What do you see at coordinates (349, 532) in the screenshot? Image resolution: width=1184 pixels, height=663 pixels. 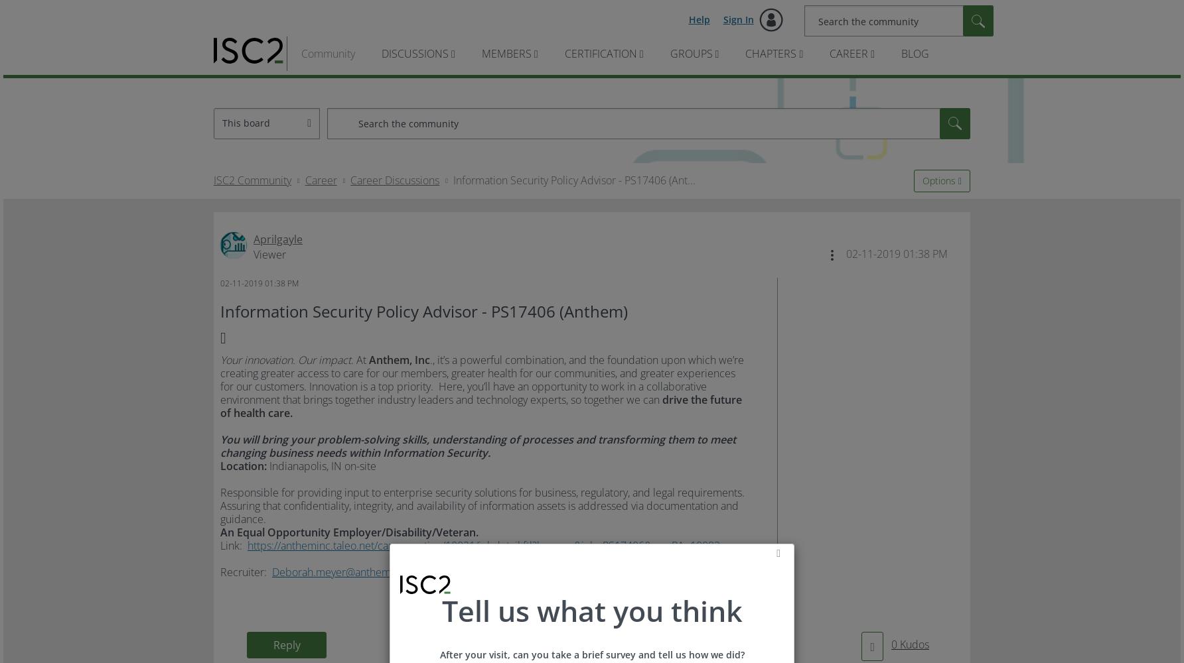 I see `'An Equal Opportunity Employer/Disability/Veteran.'` at bounding box center [349, 532].